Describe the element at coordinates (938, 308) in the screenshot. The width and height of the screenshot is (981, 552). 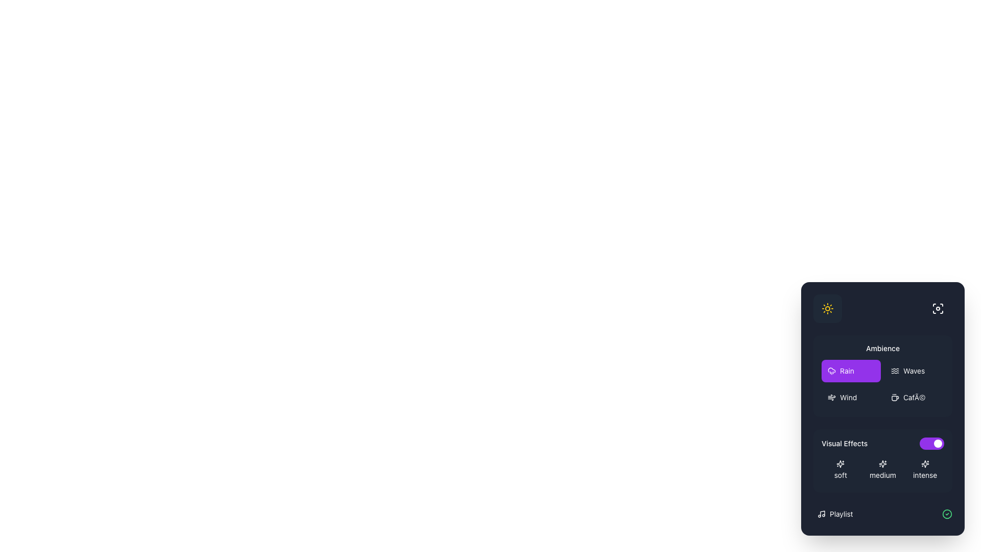
I see `the recording symbol button located at the top-right corner of the panel` at that location.